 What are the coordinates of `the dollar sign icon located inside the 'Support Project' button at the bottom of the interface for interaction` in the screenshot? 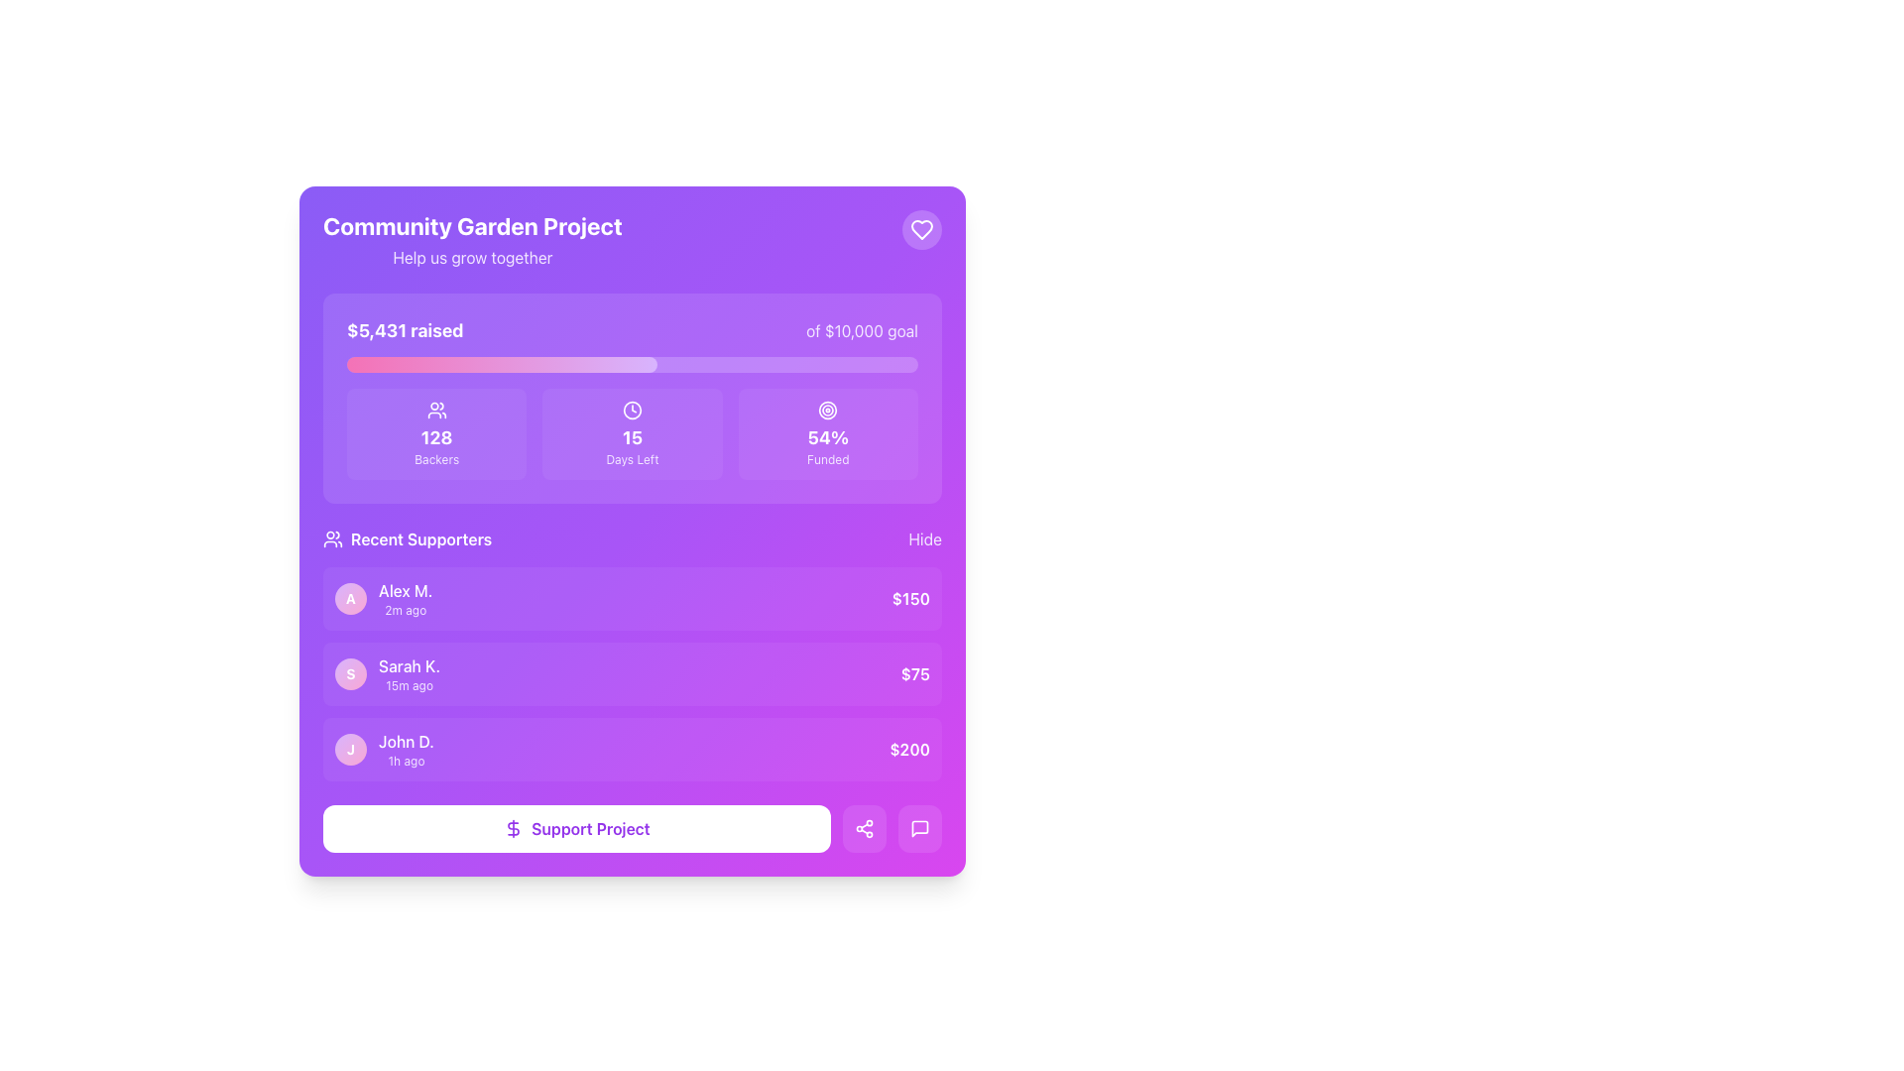 It's located at (514, 829).